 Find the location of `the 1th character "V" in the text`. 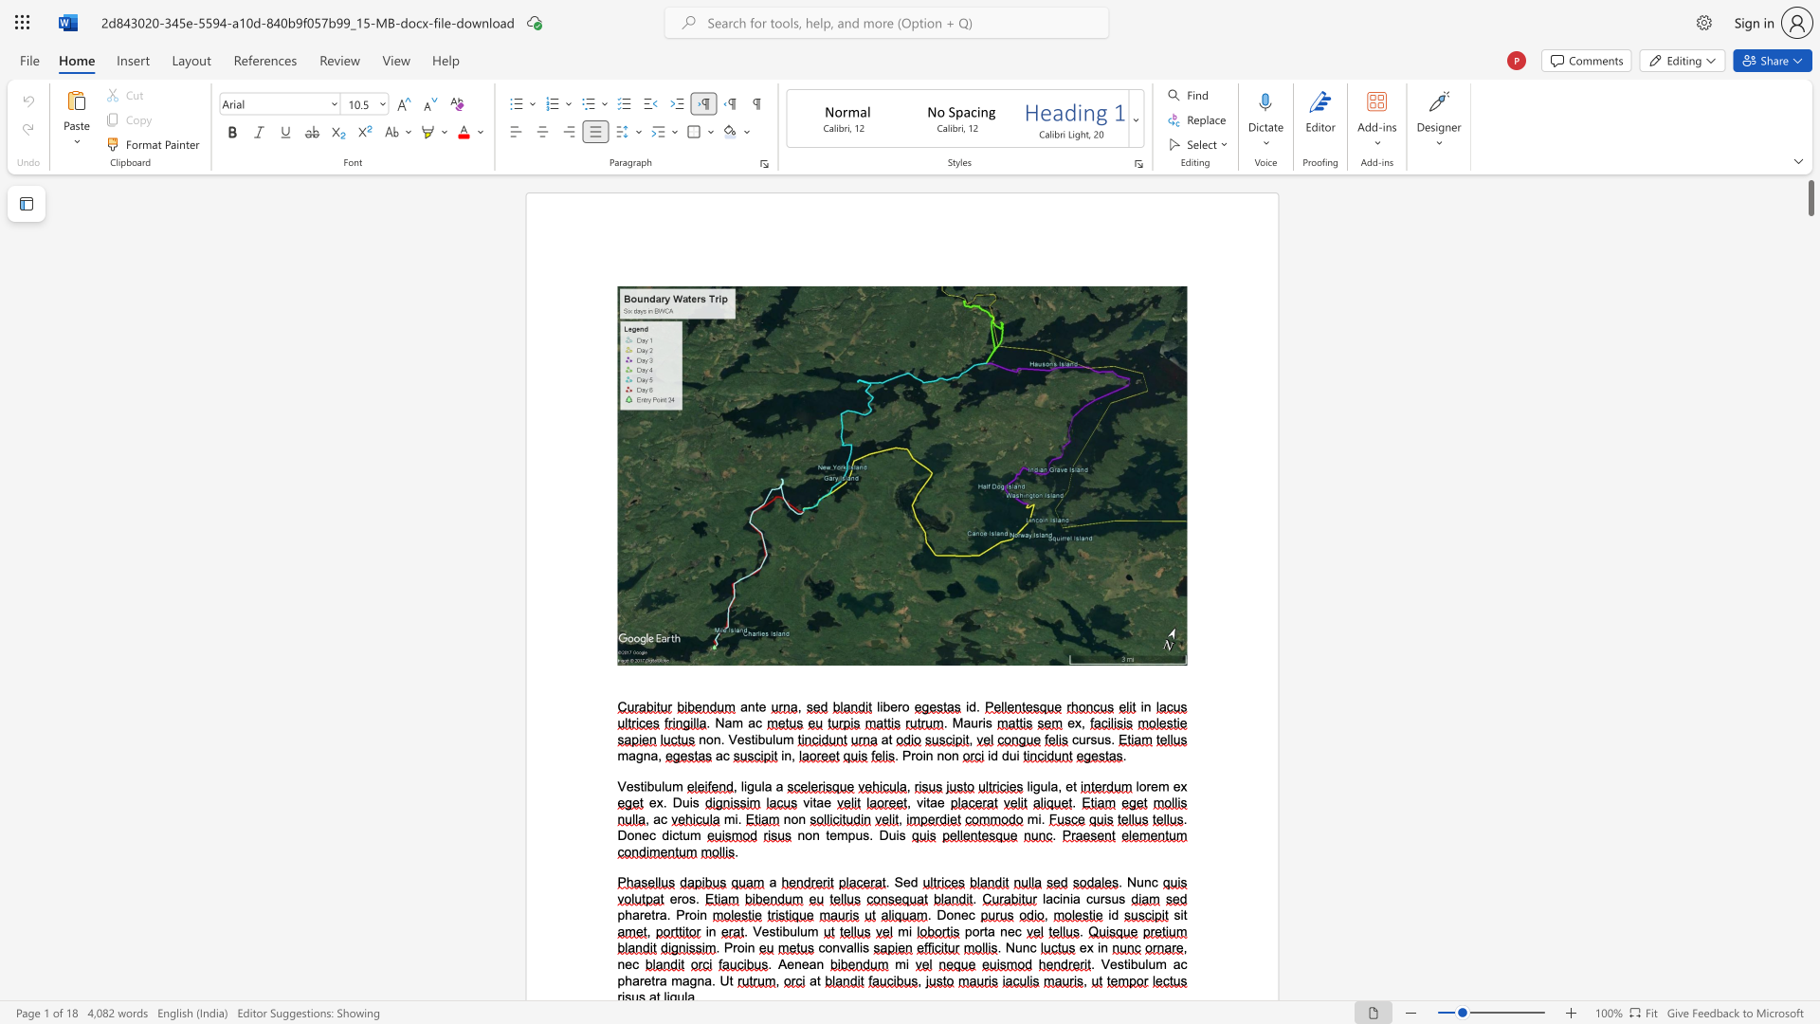

the 1th character "V" in the text is located at coordinates (622, 786).